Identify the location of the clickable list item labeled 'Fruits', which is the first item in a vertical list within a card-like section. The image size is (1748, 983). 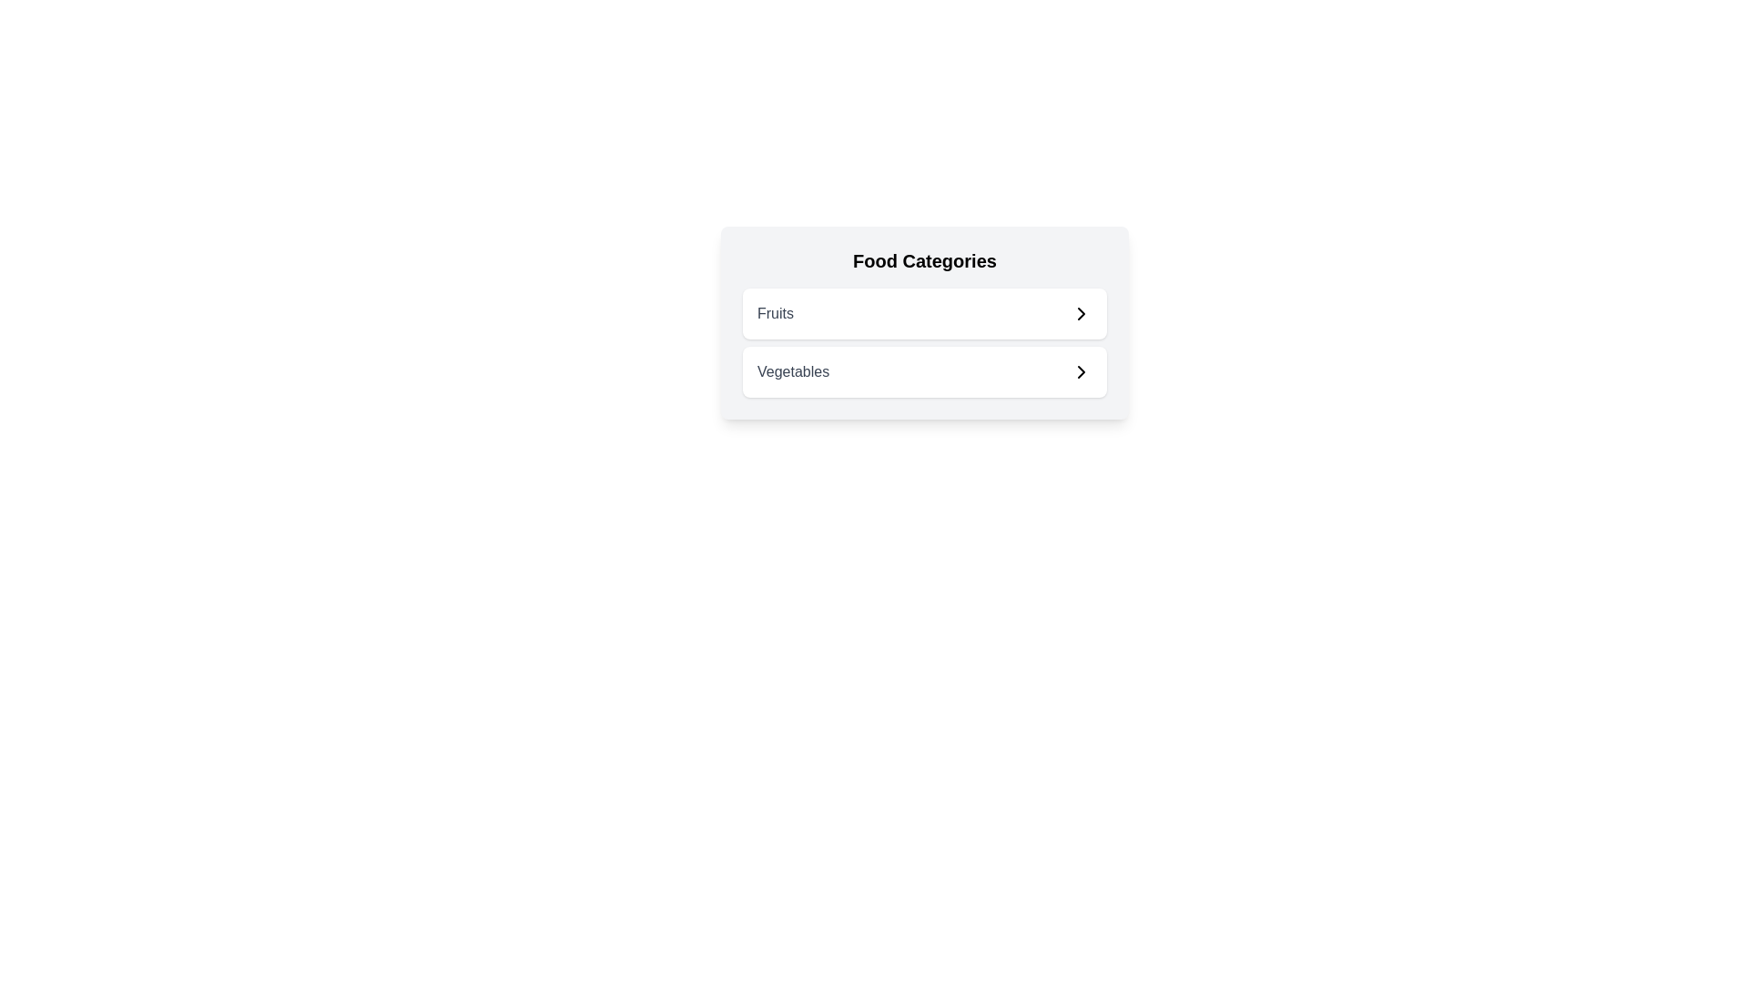
(925, 312).